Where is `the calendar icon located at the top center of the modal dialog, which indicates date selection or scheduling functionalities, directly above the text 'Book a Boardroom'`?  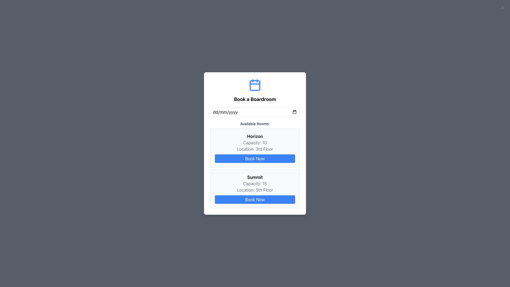
the calendar icon located at the top center of the modal dialog, which indicates date selection or scheduling functionalities, directly above the text 'Book a Boardroom' is located at coordinates (255, 85).